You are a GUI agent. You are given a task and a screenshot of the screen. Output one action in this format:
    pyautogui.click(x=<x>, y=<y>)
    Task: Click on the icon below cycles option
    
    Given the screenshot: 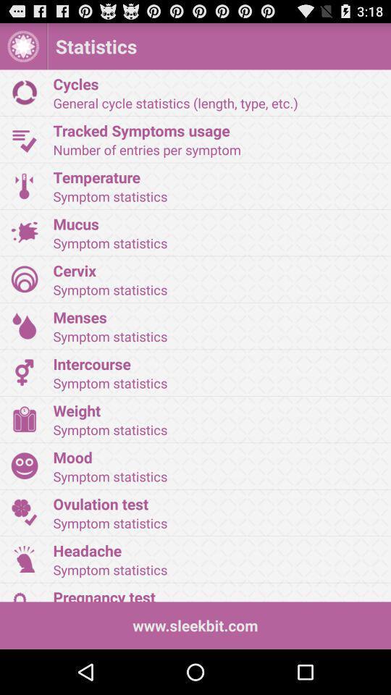 What is the action you would take?
    pyautogui.click(x=24, y=139)
    